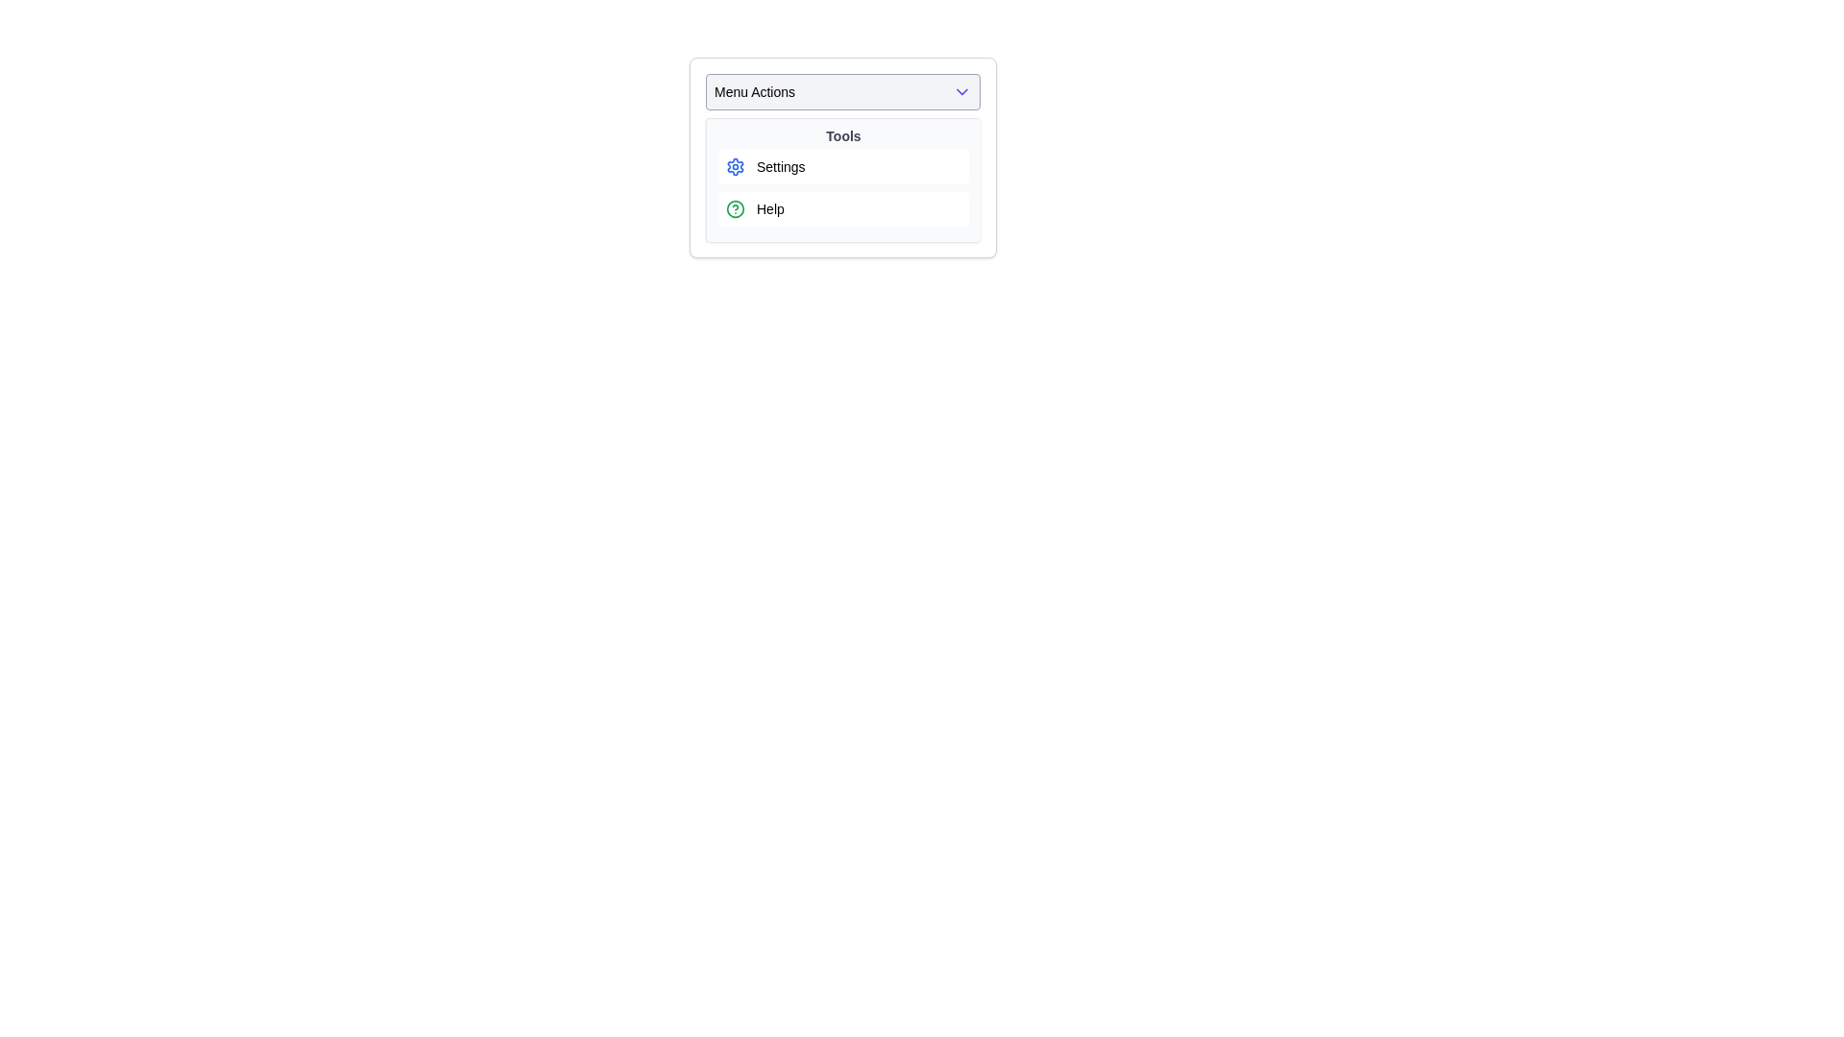 The width and height of the screenshot is (1844, 1037). What do you see at coordinates (735, 209) in the screenshot?
I see `the green circular outline element, which is part of the 'Help' option in the dropdown menu located at the top-left corner of the entry` at bounding box center [735, 209].